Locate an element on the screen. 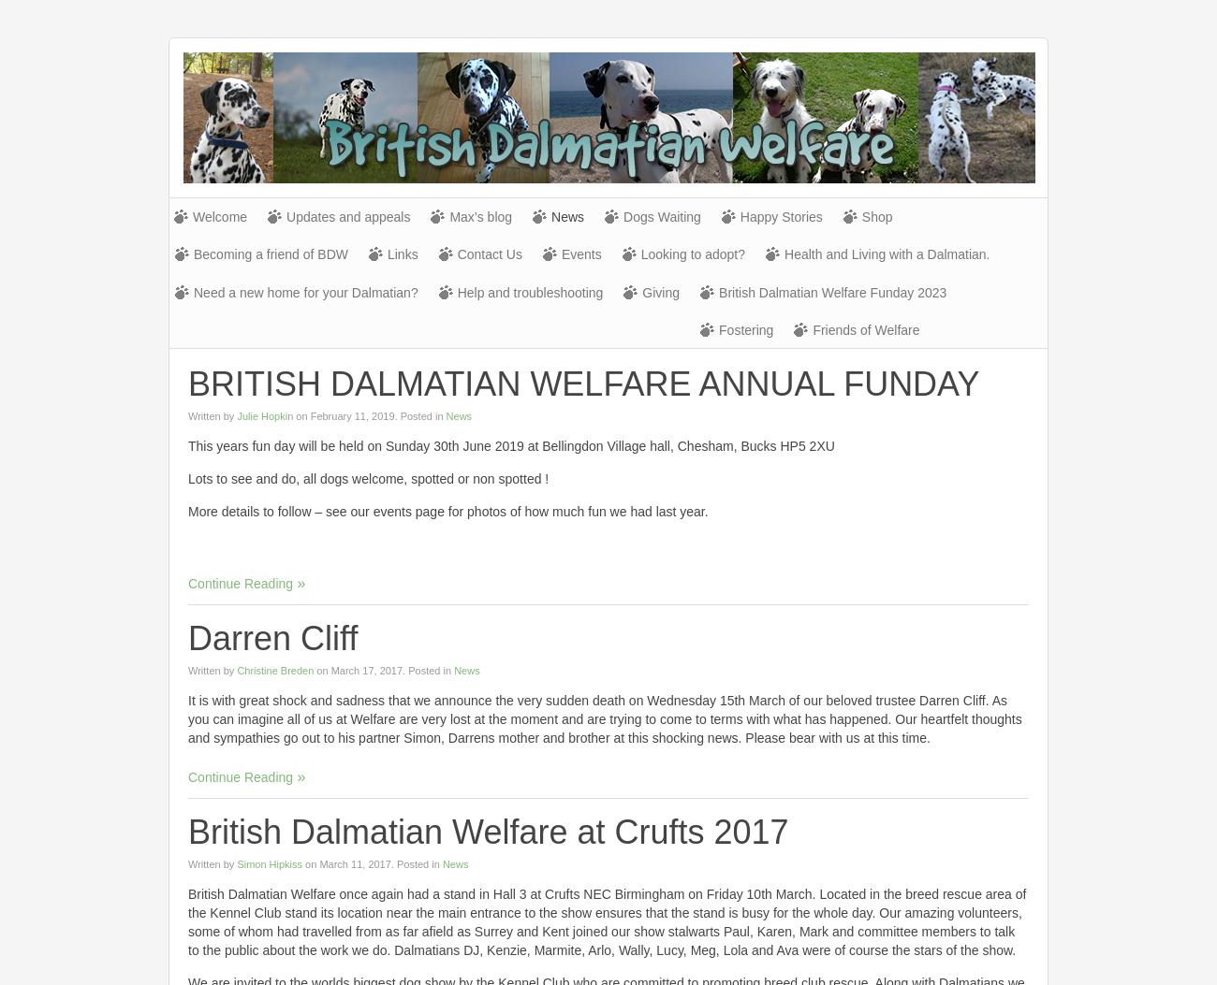 Image resolution: width=1217 pixels, height=985 pixels. 'Friends of Welfare' is located at coordinates (865, 328).